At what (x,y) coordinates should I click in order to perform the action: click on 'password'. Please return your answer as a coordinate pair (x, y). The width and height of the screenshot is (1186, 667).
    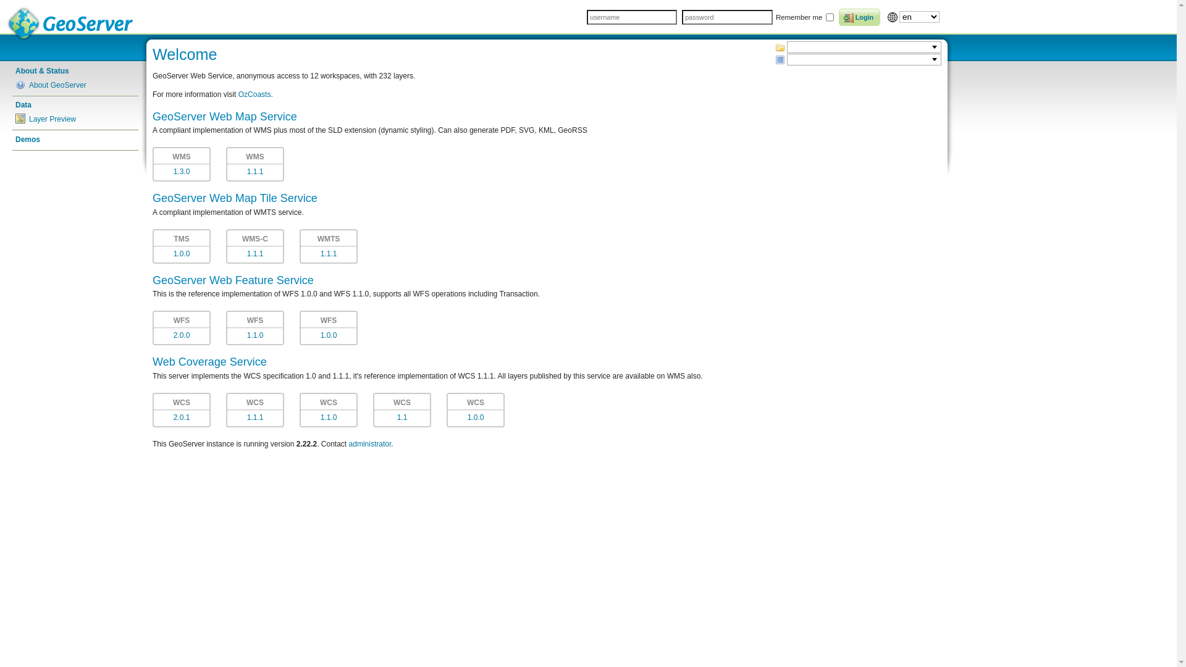
    Looking at the image, I should click on (726, 17).